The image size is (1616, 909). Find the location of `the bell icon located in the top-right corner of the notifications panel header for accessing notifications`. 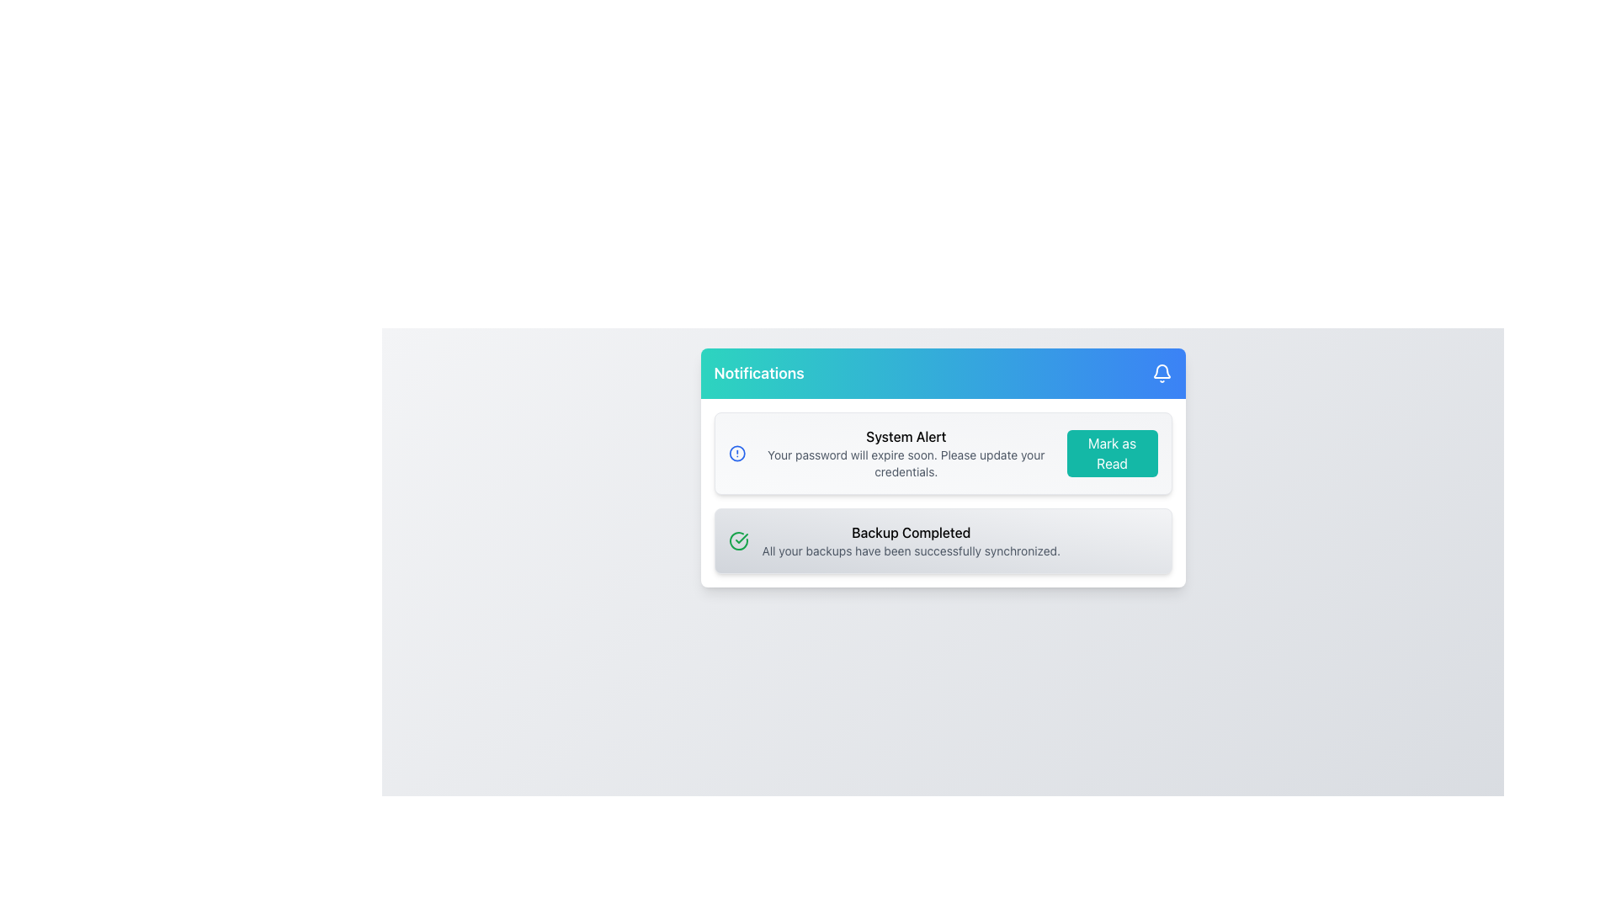

the bell icon located in the top-right corner of the notifications panel header for accessing notifications is located at coordinates (1161, 372).